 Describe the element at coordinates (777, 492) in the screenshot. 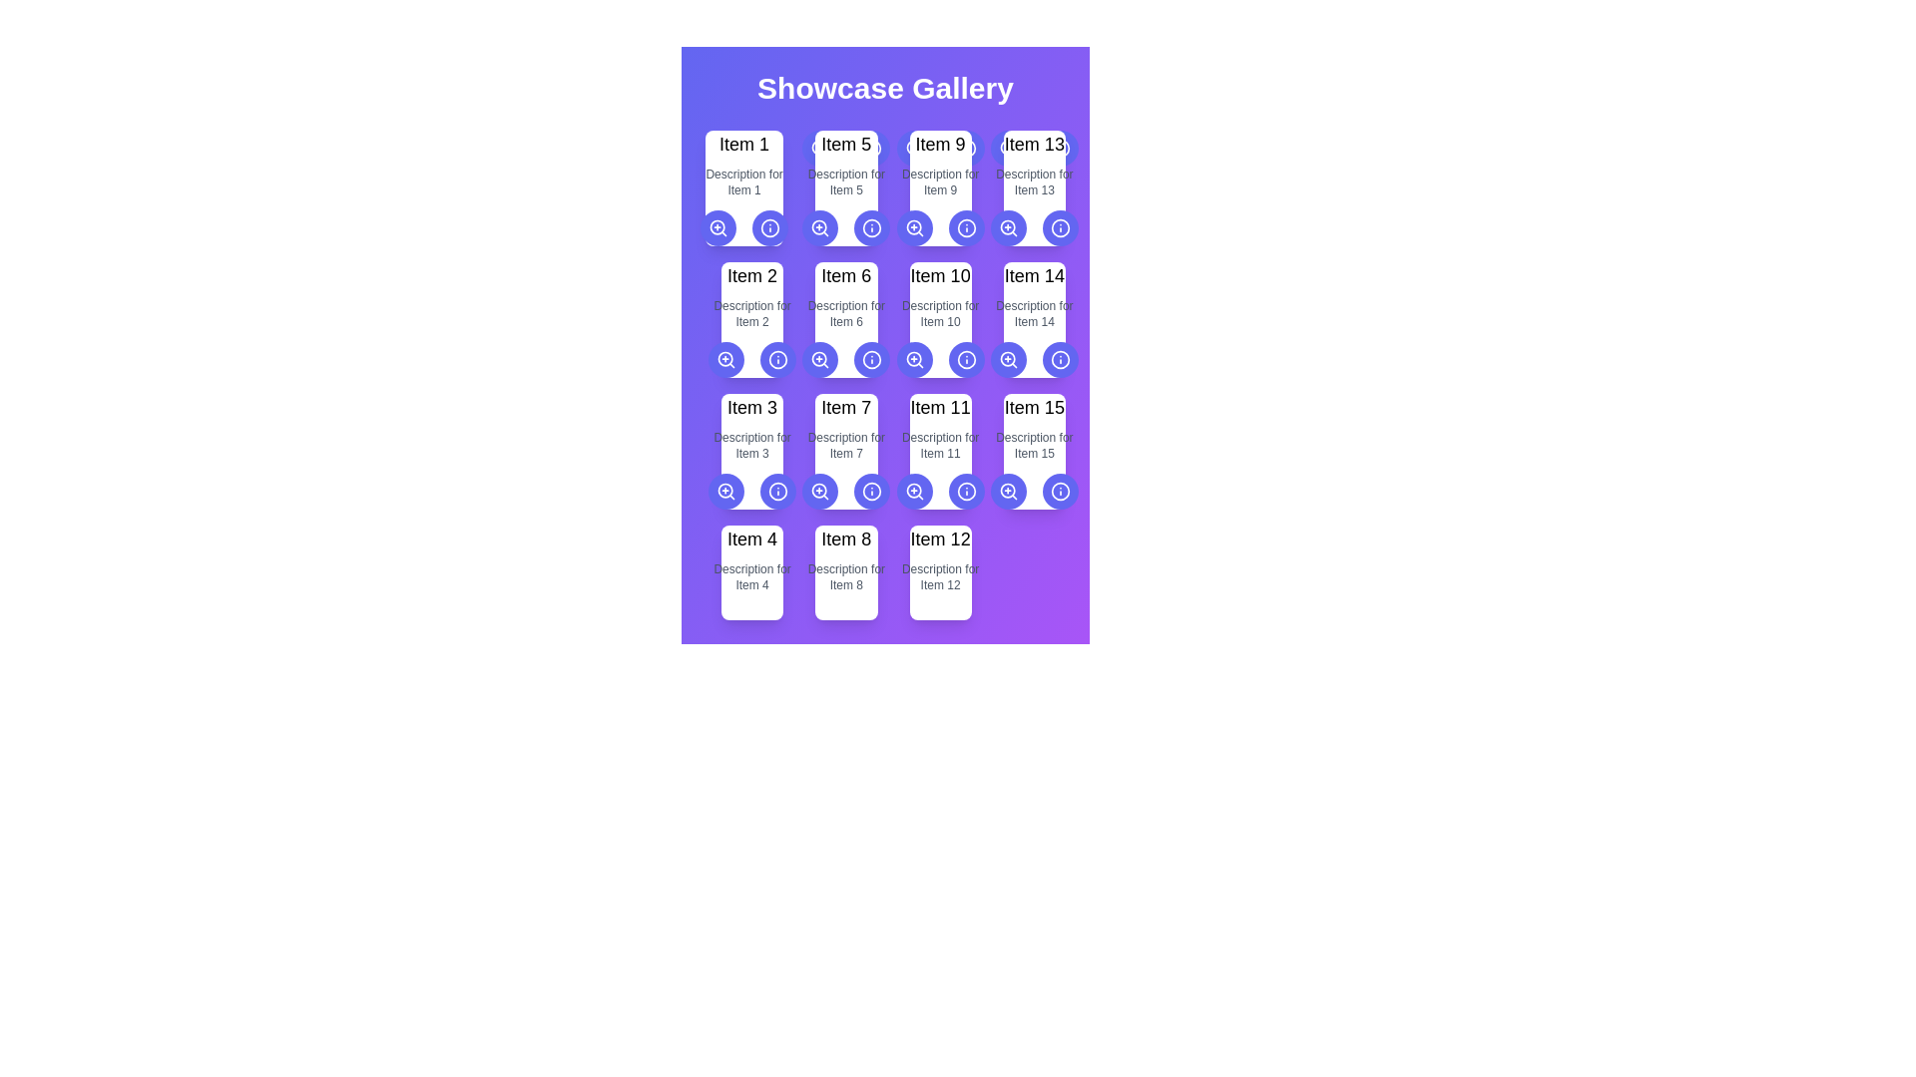

I see `the second interactive button located to the right within the group of elements below the card labeled 'Item 7'` at that location.